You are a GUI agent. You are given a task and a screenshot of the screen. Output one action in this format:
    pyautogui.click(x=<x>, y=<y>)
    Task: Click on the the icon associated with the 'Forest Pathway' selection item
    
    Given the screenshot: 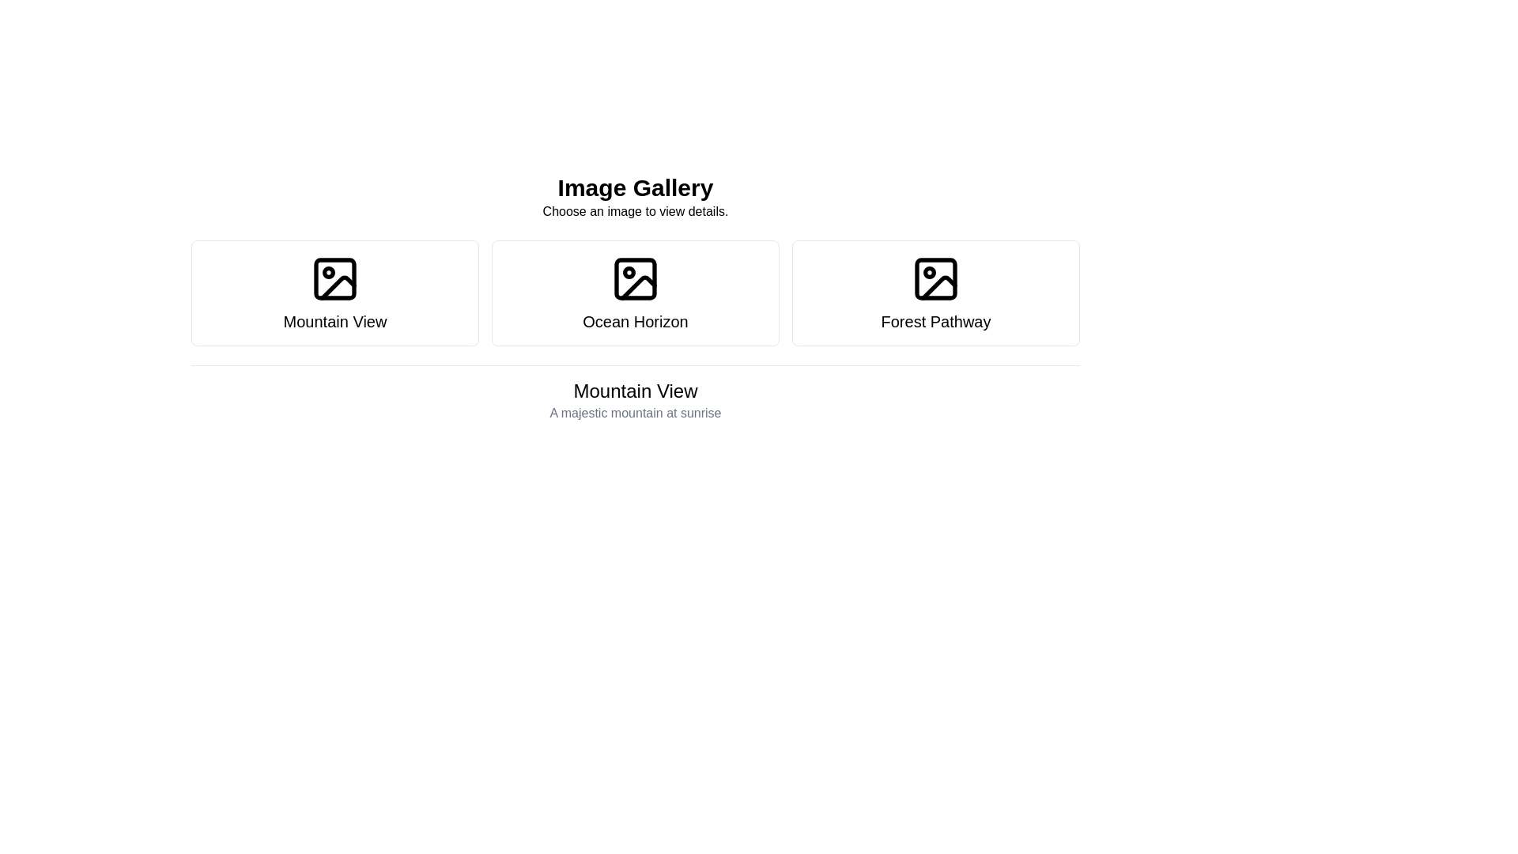 What is the action you would take?
    pyautogui.click(x=936, y=278)
    